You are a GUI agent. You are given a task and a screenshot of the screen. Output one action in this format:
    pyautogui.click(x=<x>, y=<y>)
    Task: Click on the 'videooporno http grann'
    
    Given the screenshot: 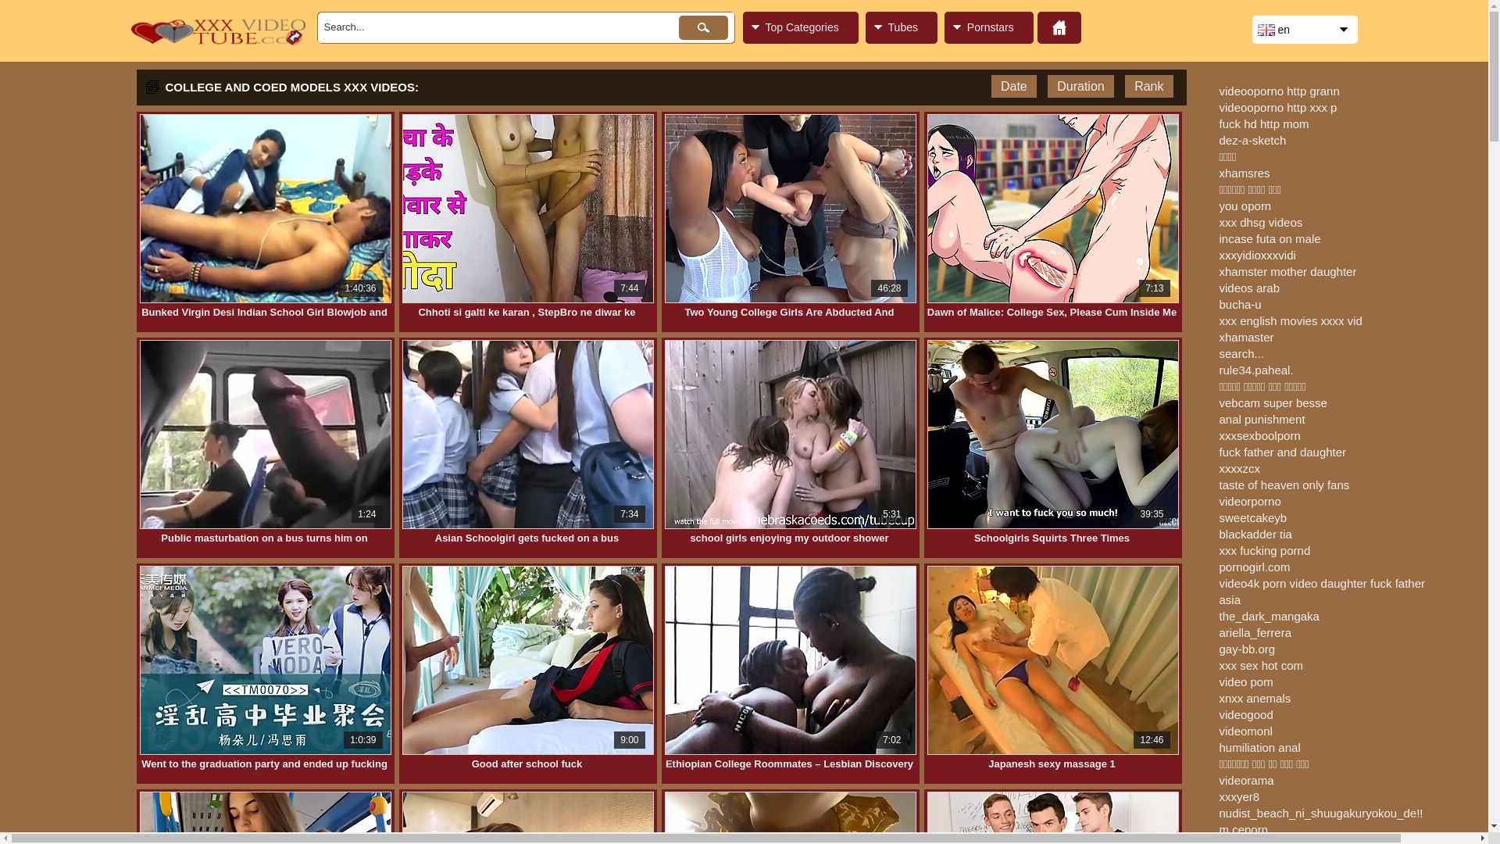 What is the action you would take?
    pyautogui.click(x=1278, y=91)
    